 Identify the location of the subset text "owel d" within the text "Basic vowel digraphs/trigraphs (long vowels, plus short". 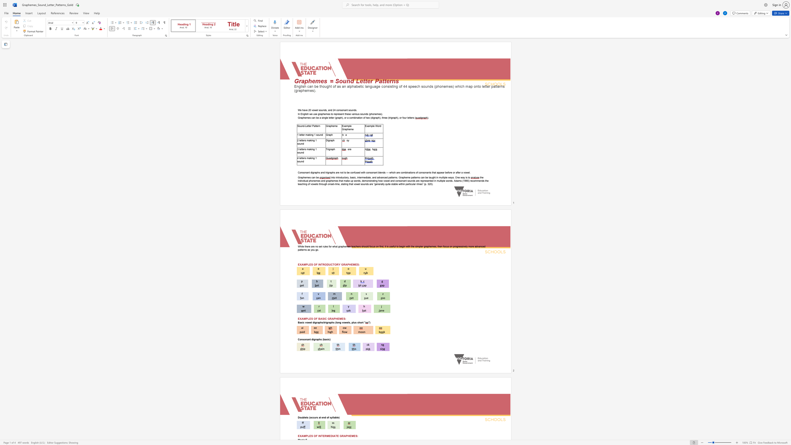
(306, 322).